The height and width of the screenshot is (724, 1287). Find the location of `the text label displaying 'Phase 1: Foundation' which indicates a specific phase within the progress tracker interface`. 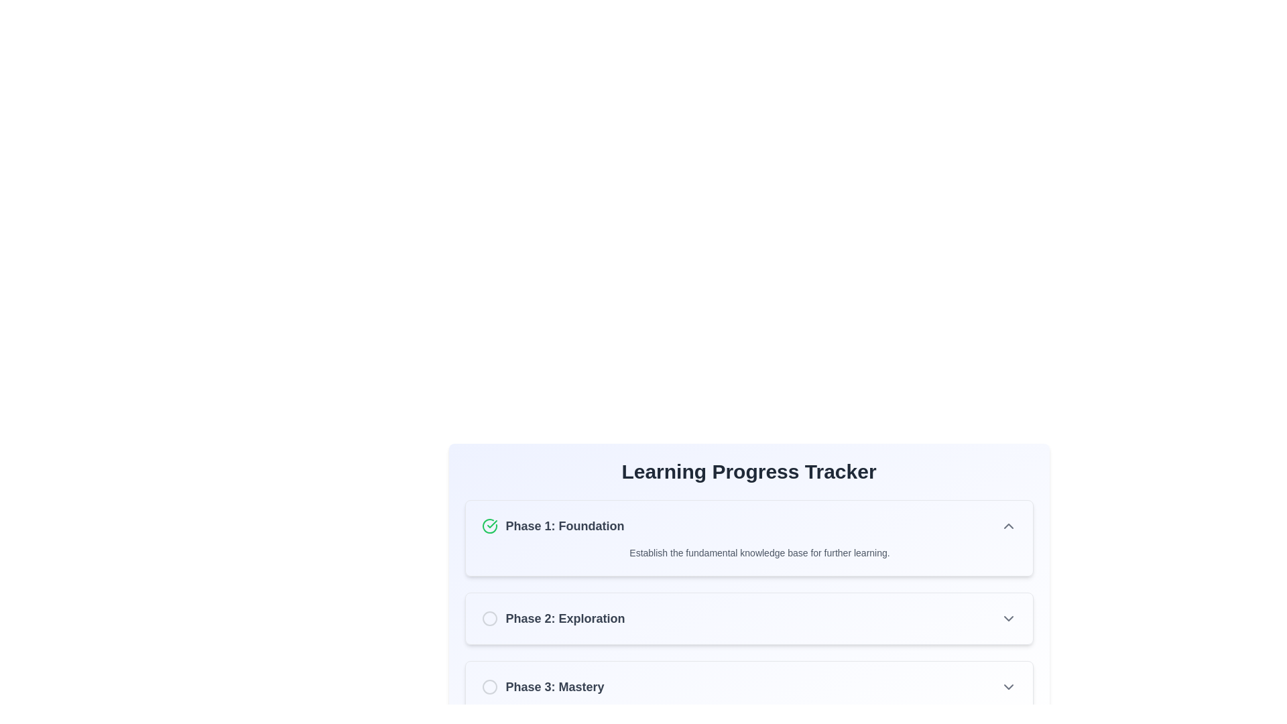

the text label displaying 'Phase 1: Foundation' which indicates a specific phase within the progress tracker interface is located at coordinates (565, 526).